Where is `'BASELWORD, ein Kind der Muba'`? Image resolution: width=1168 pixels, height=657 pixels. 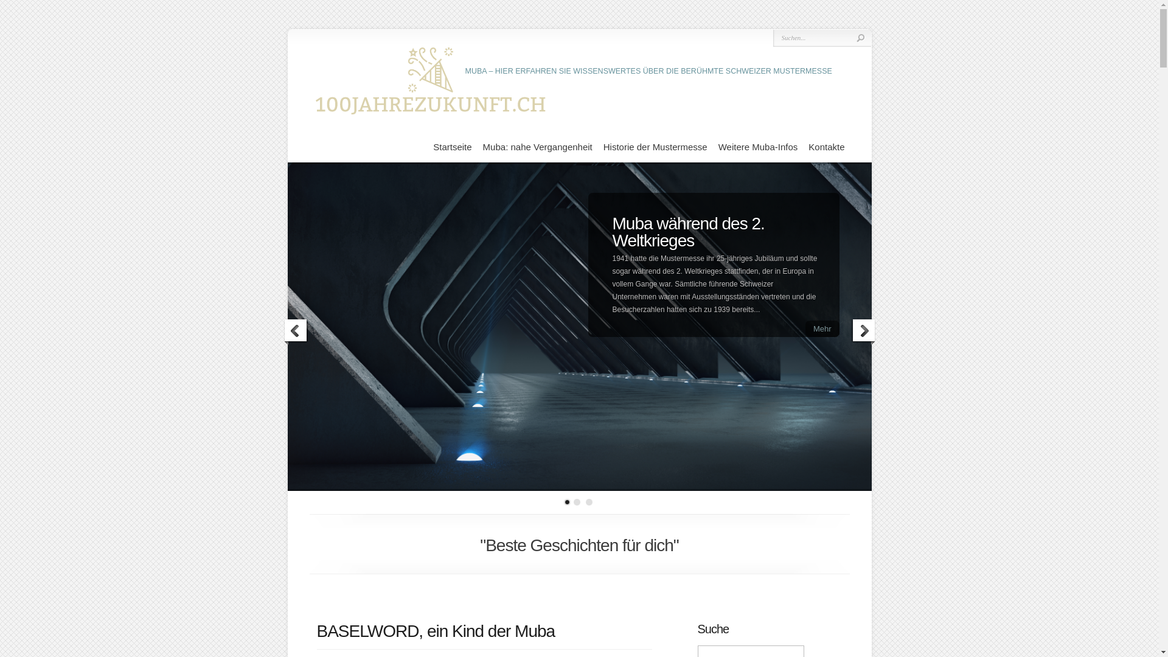
'BASELWORD, ein Kind der Muba' is located at coordinates (316, 630).